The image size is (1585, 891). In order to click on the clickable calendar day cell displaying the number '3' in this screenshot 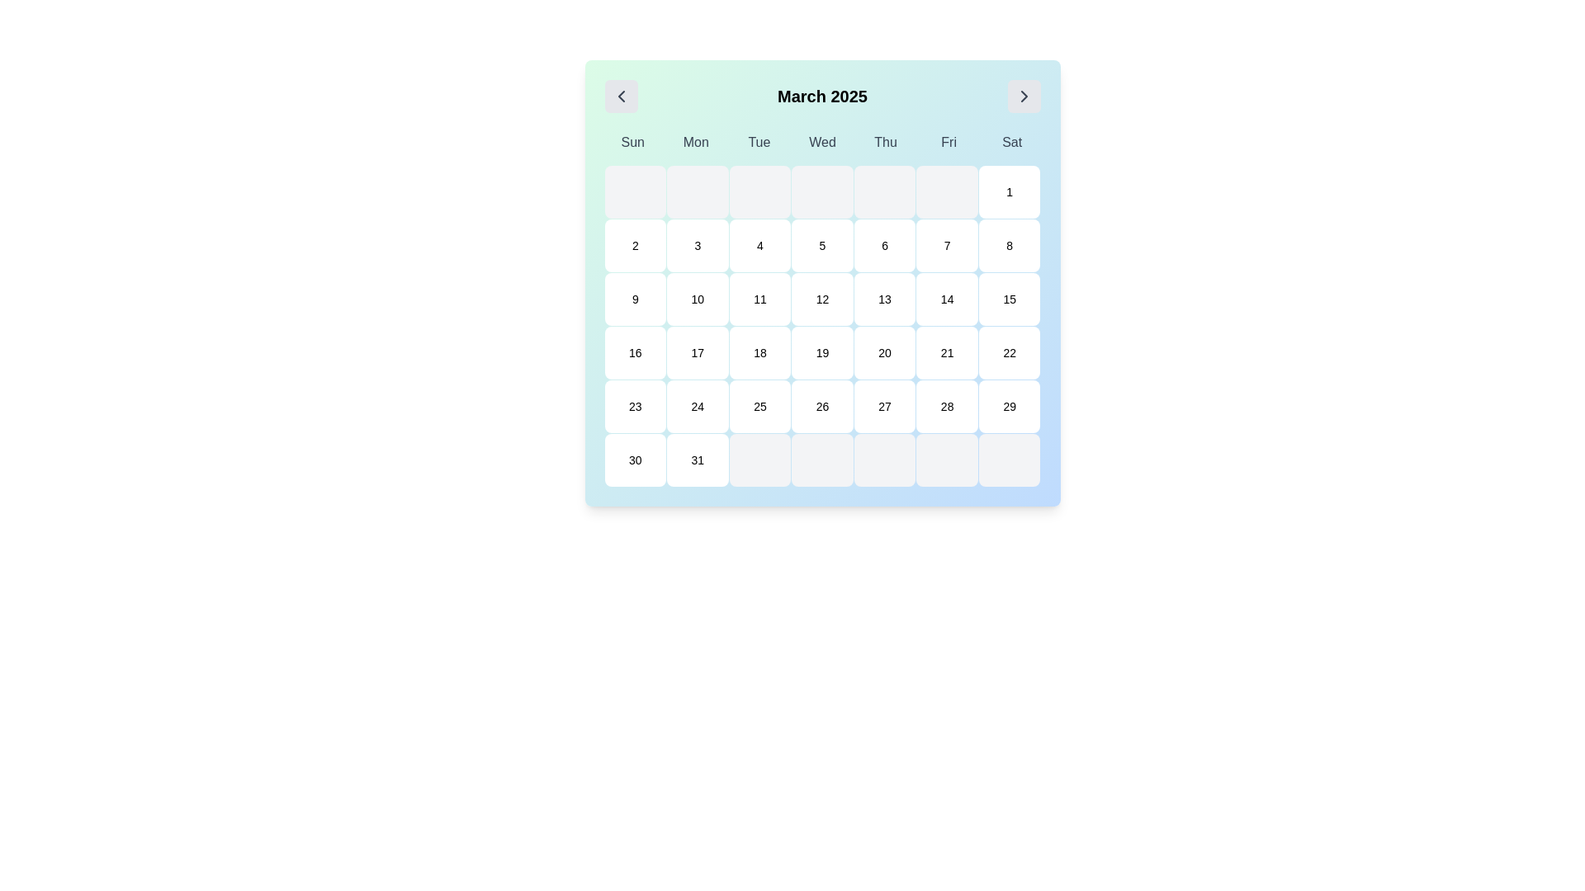, I will do `click(698, 245)`.